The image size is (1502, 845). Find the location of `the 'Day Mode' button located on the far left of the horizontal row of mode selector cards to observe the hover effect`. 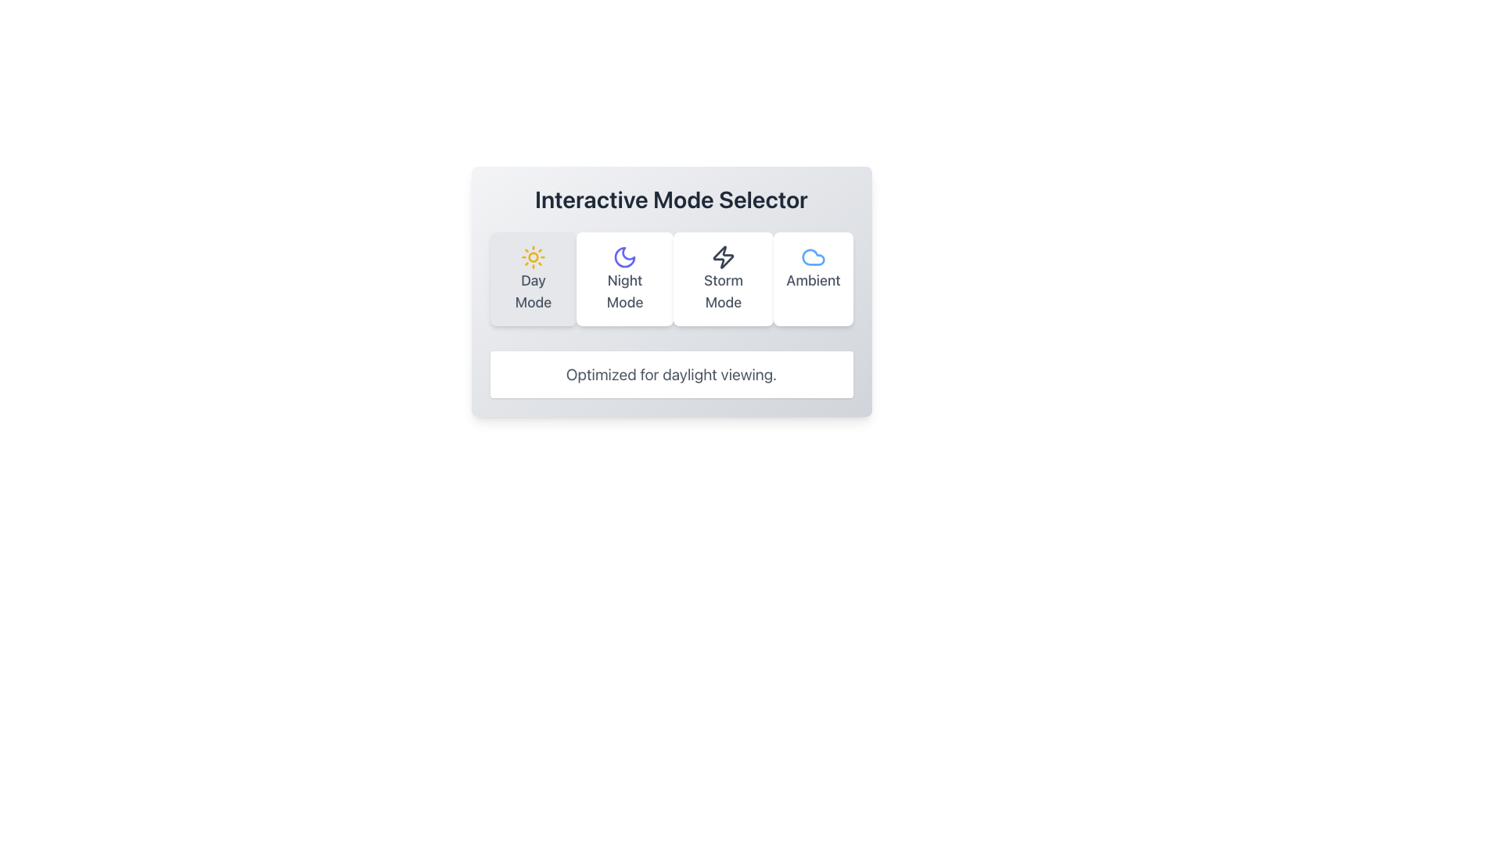

the 'Day Mode' button located on the far left of the horizontal row of mode selector cards to observe the hover effect is located at coordinates (533, 279).